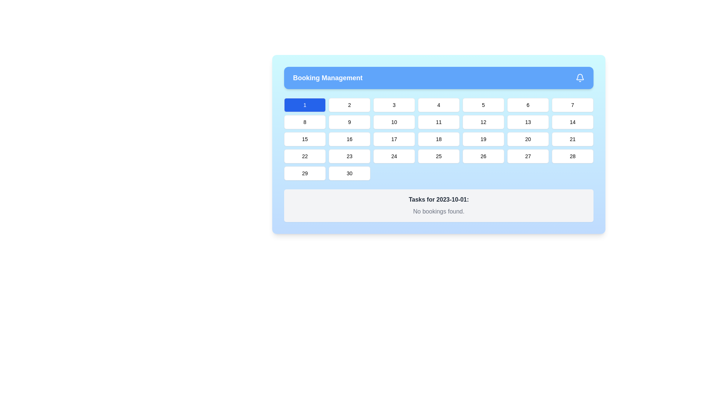 This screenshot has height=401, width=714. Describe the element at coordinates (305, 139) in the screenshot. I see `the button in the calendar interface located in the third row and first column` at that location.